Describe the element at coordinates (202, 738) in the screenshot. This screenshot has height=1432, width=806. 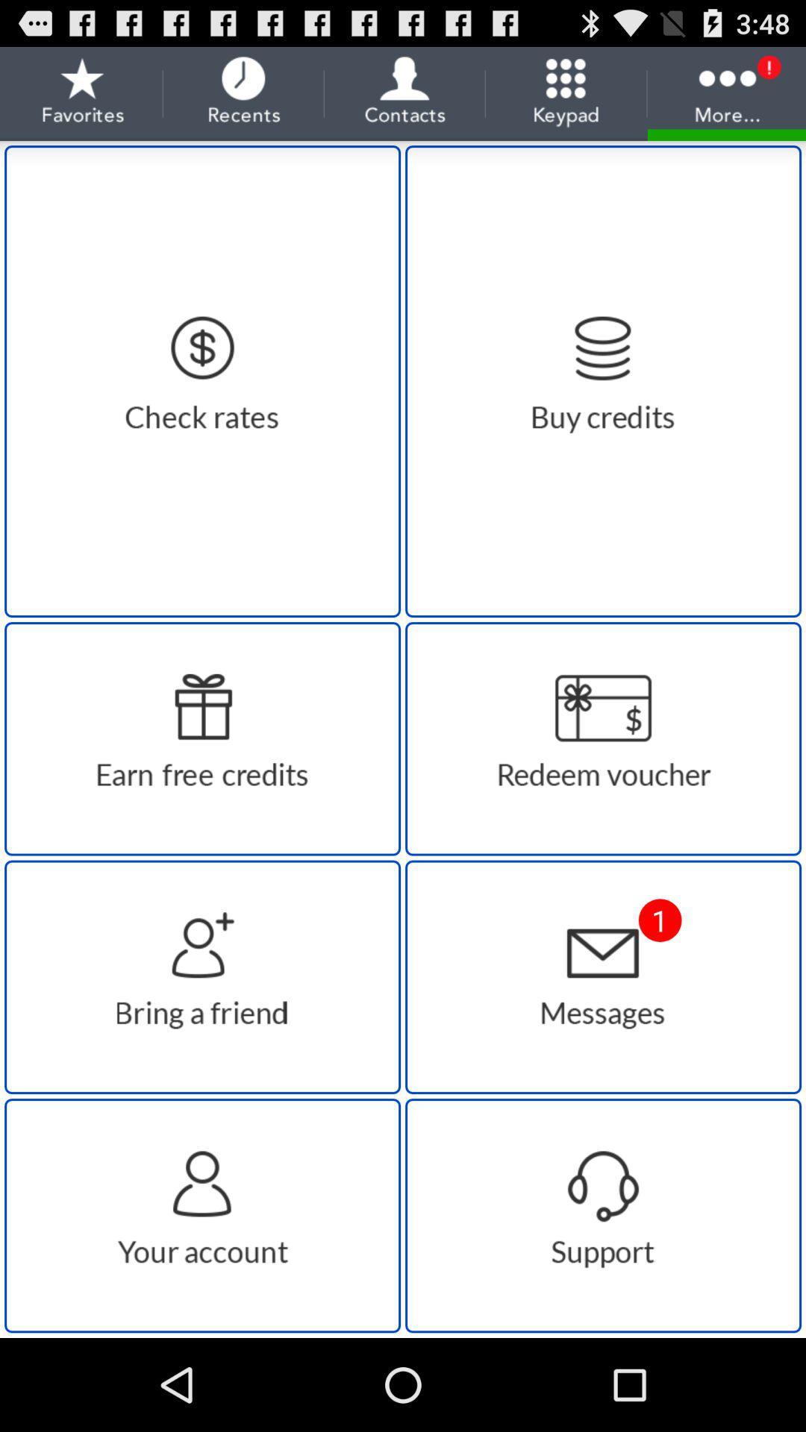
I see `icon on the left` at that location.